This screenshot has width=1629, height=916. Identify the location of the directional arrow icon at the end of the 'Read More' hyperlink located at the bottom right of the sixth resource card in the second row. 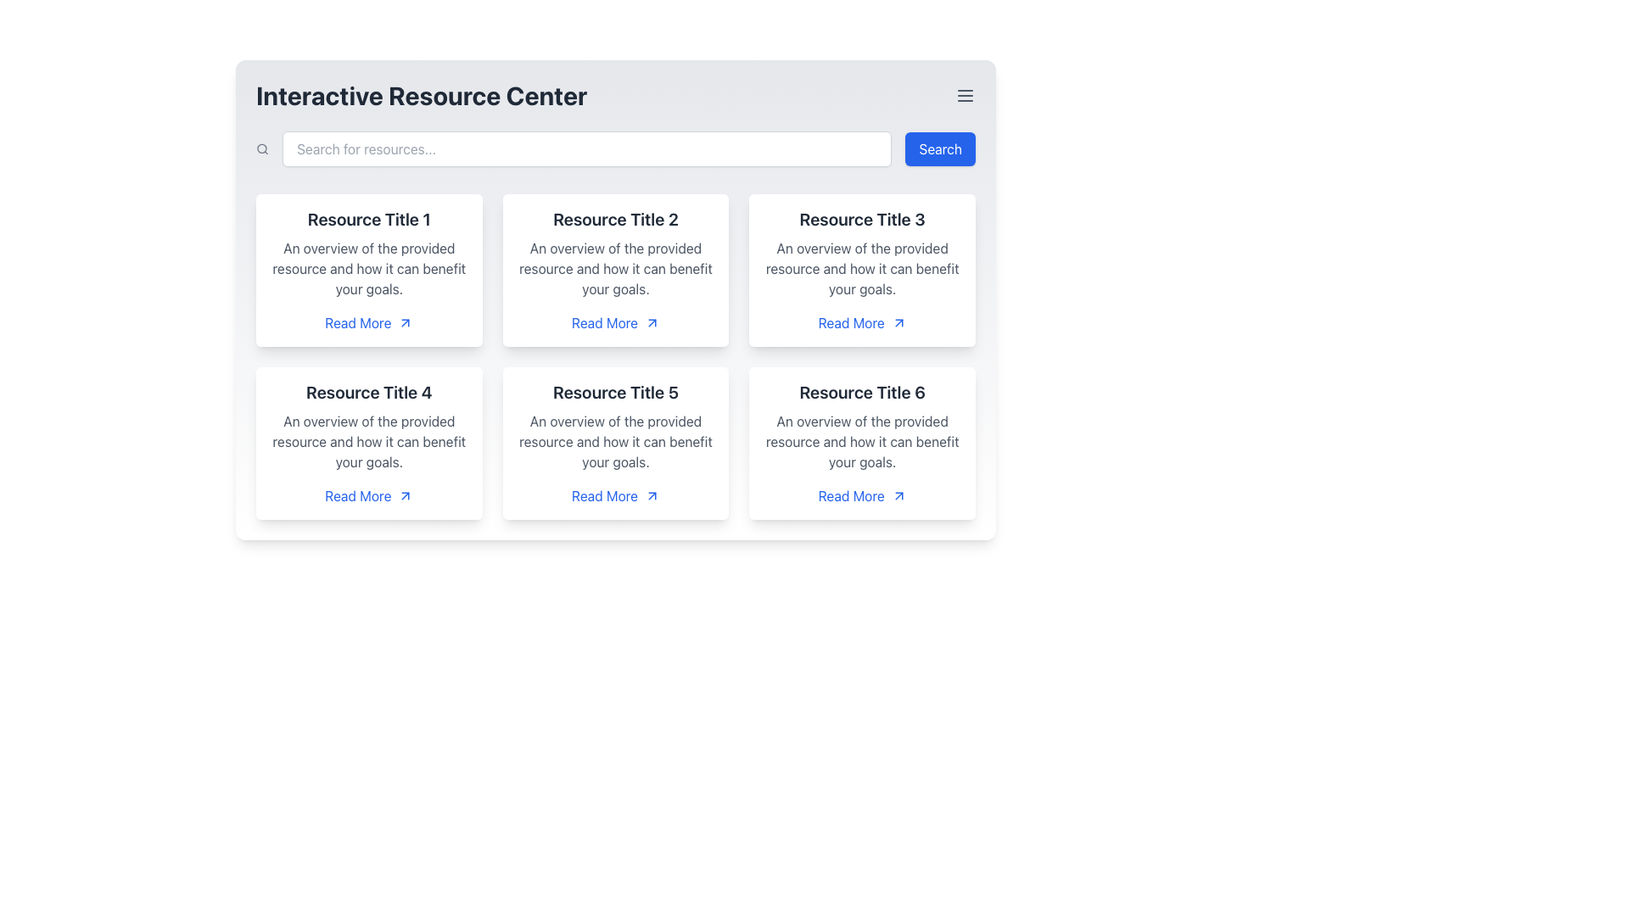
(898, 496).